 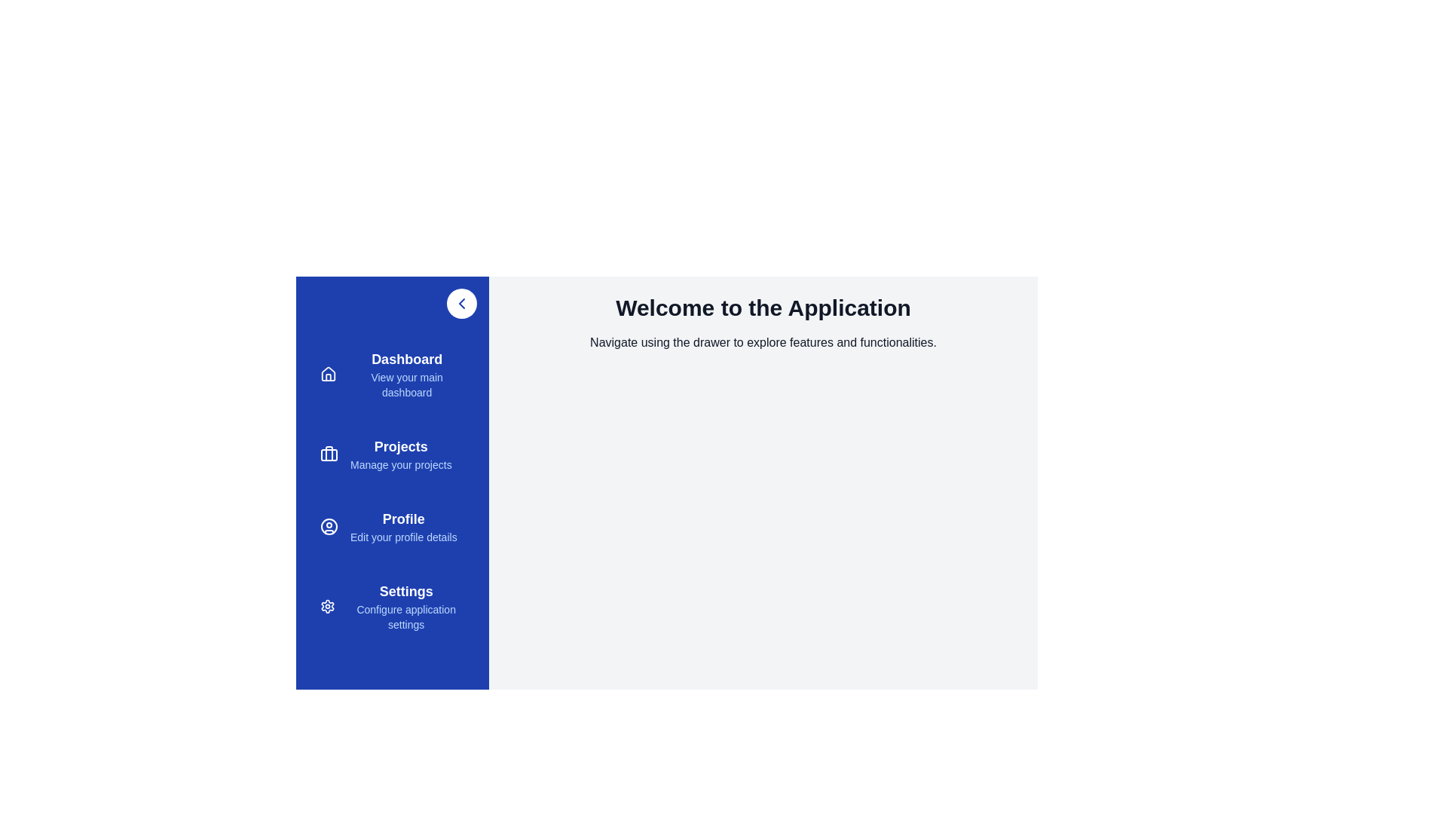 What do you see at coordinates (393, 606) in the screenshot?
I see `the menu item Settings to view its hover effect` at bounding box center [393, 606].